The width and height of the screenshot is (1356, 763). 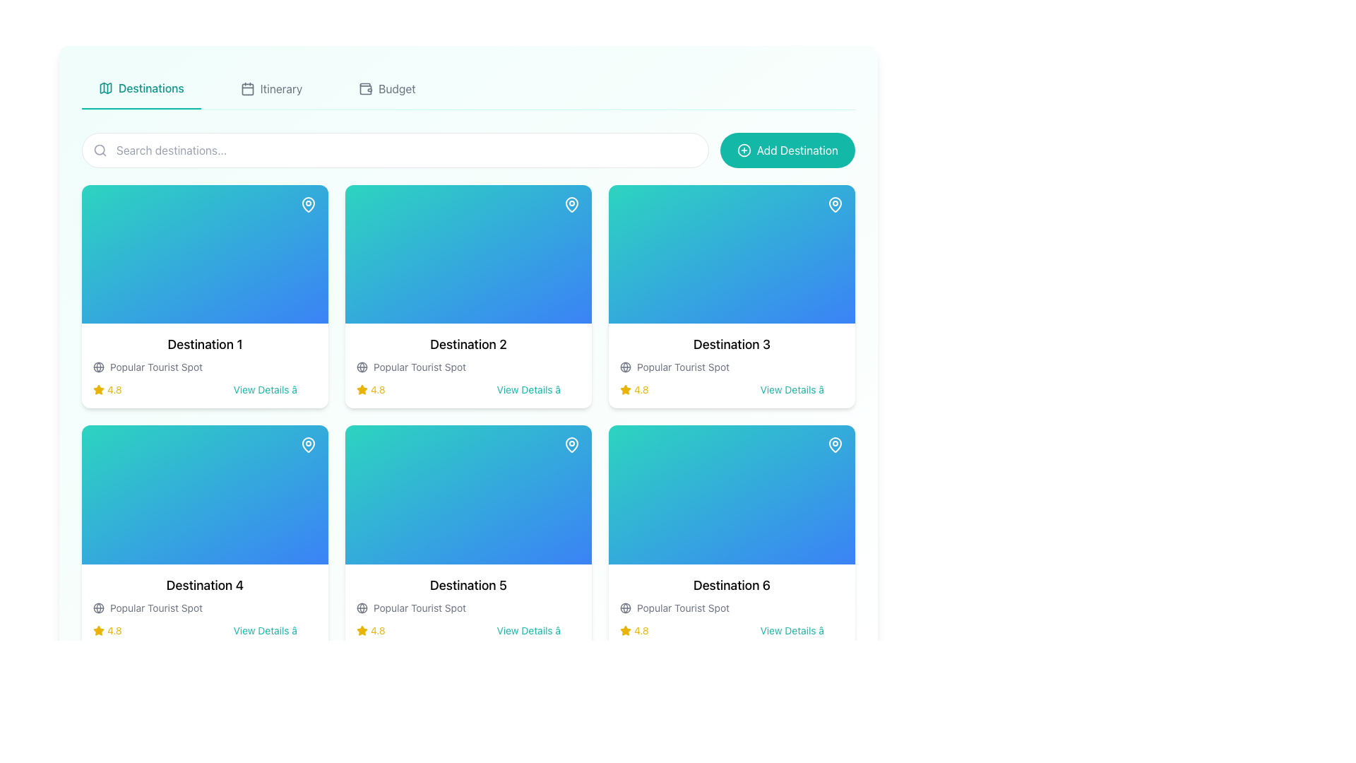 What do you see at coordinates (275, 629) in the screenshot?
I see `the hyperlink text for 'Destination 4' located in the lower section of its card` at bounding box center [275, 629].